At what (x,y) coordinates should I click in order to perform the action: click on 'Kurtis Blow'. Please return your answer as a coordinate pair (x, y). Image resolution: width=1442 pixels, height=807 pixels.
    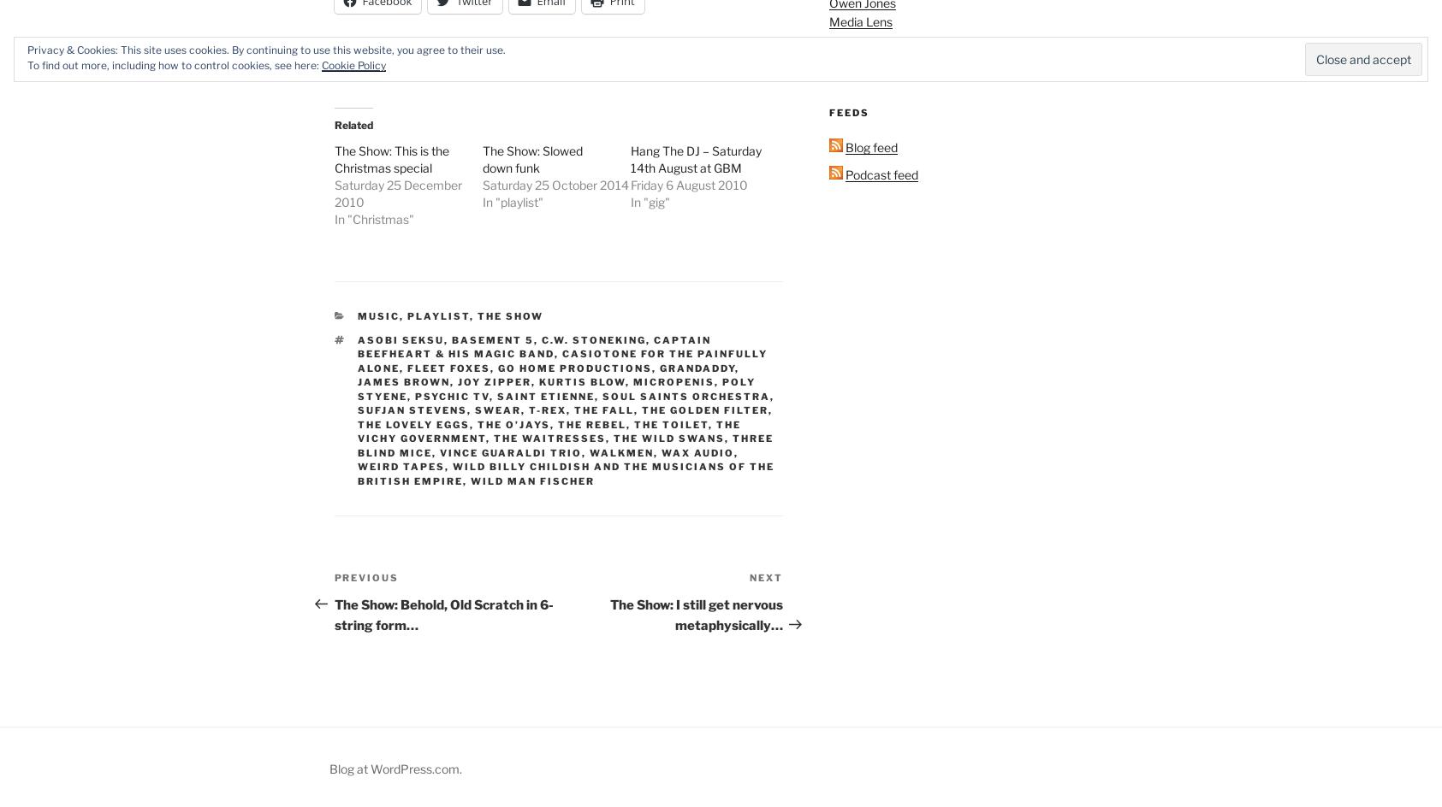
    Looking at the image, I should click on (539, 380).